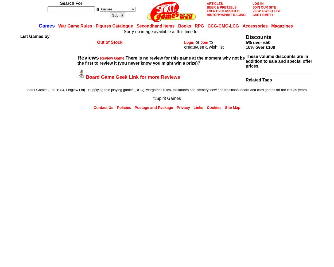  I want to click on 'Secondhand Items', so click(155, 26).